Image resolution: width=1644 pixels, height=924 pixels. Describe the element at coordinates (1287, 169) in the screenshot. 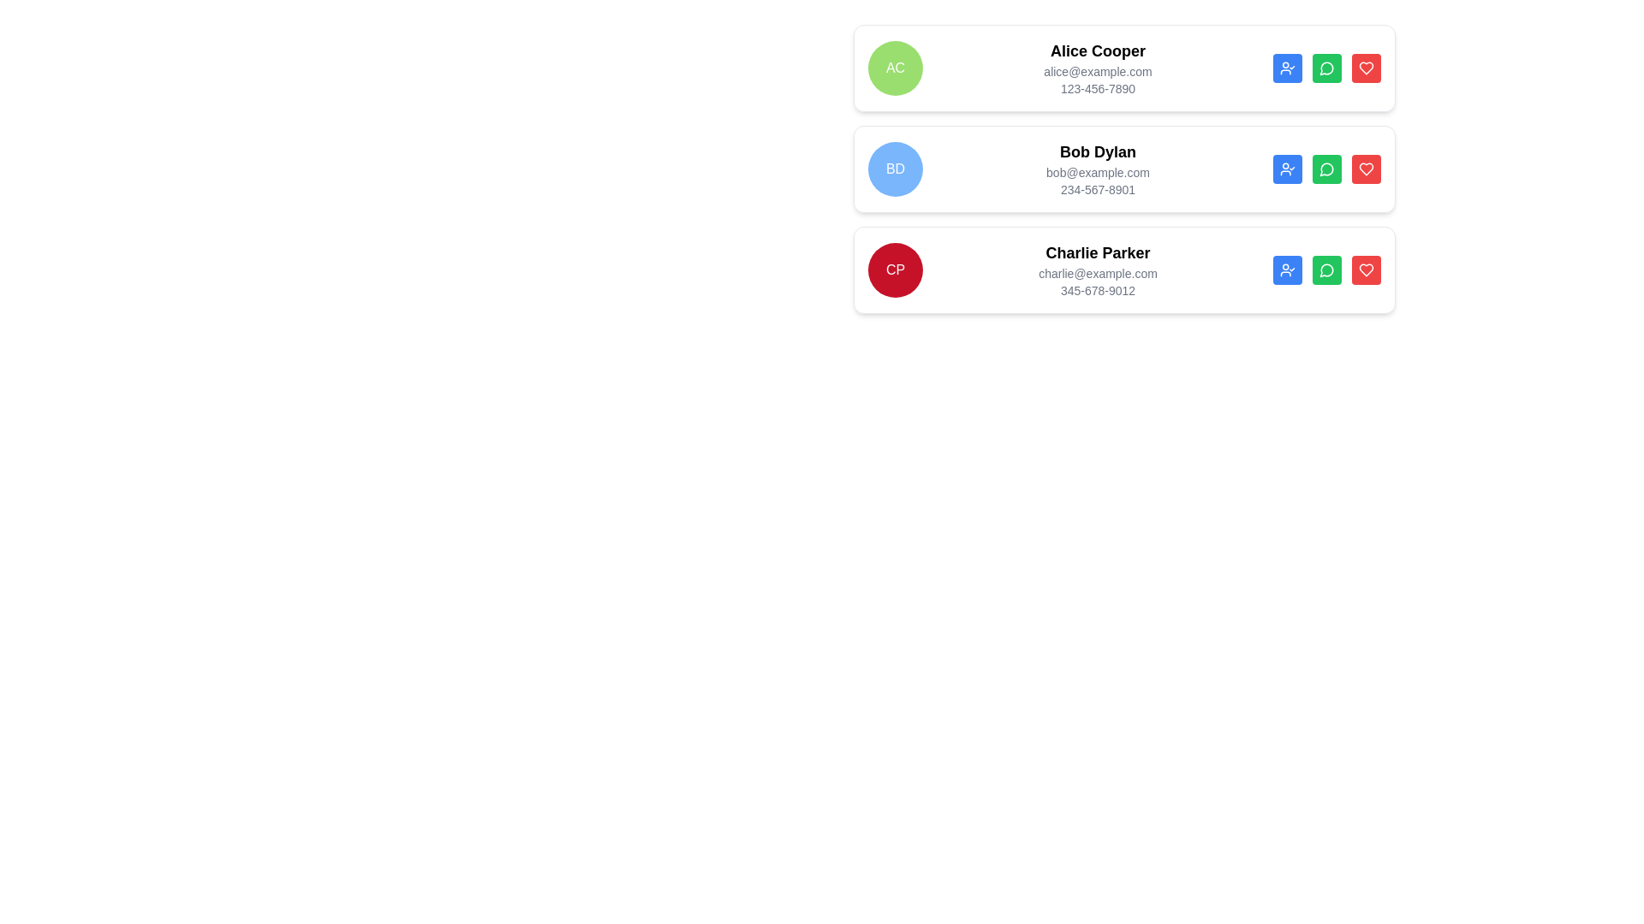

I see `the first button in the second row` at that location.